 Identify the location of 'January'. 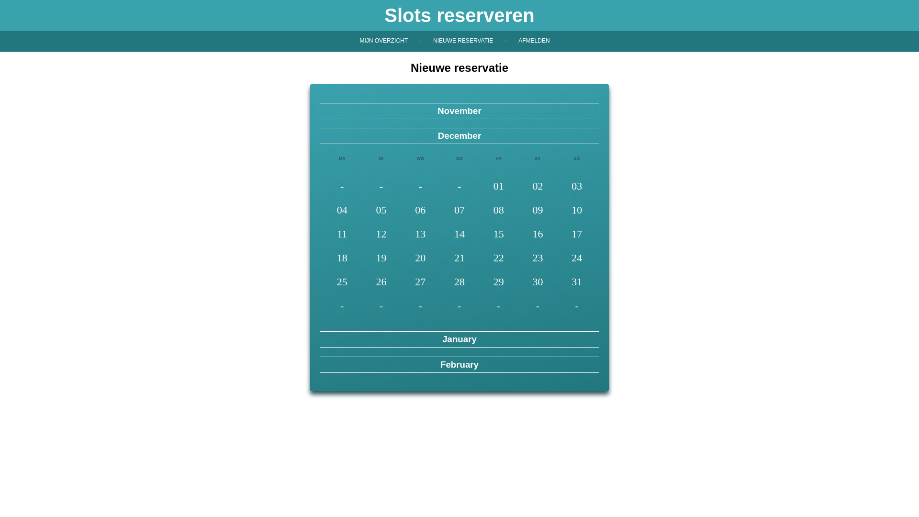
(459, 339).